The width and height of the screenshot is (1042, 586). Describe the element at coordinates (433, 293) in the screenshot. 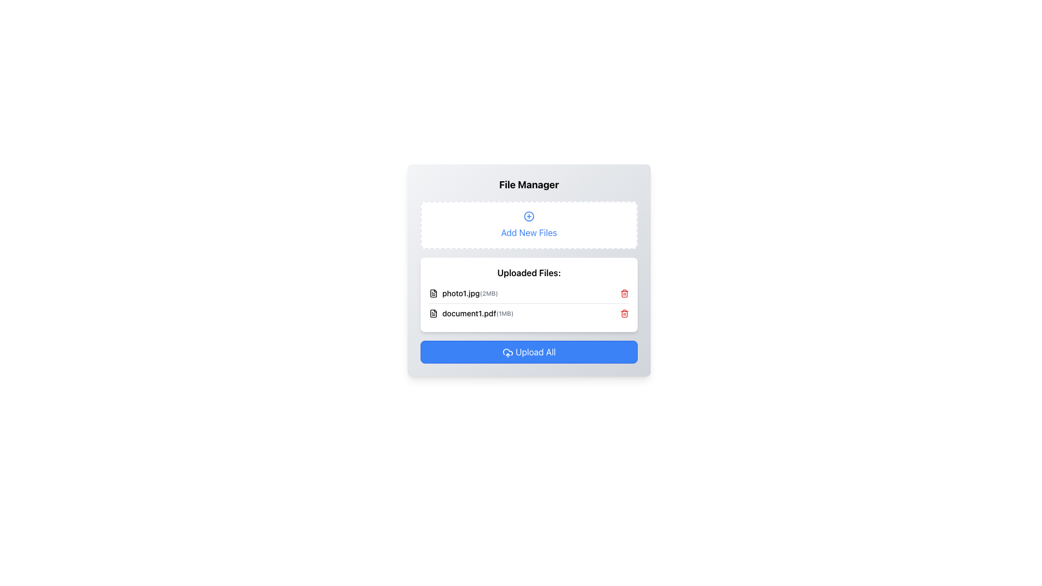

I see `the file type icon located immediately to the left of the text 'photo1.jpg (2MB)' in the uploaded items list of the file manager interface` at that location.